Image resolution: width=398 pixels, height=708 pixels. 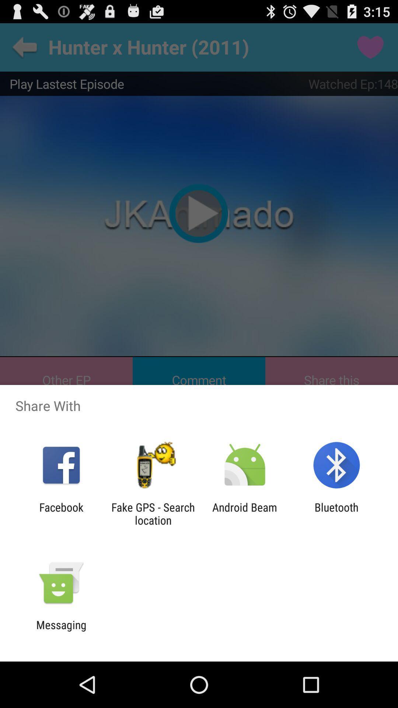 I want to click on app at the bottom right corner, so click(x=336, y=513).